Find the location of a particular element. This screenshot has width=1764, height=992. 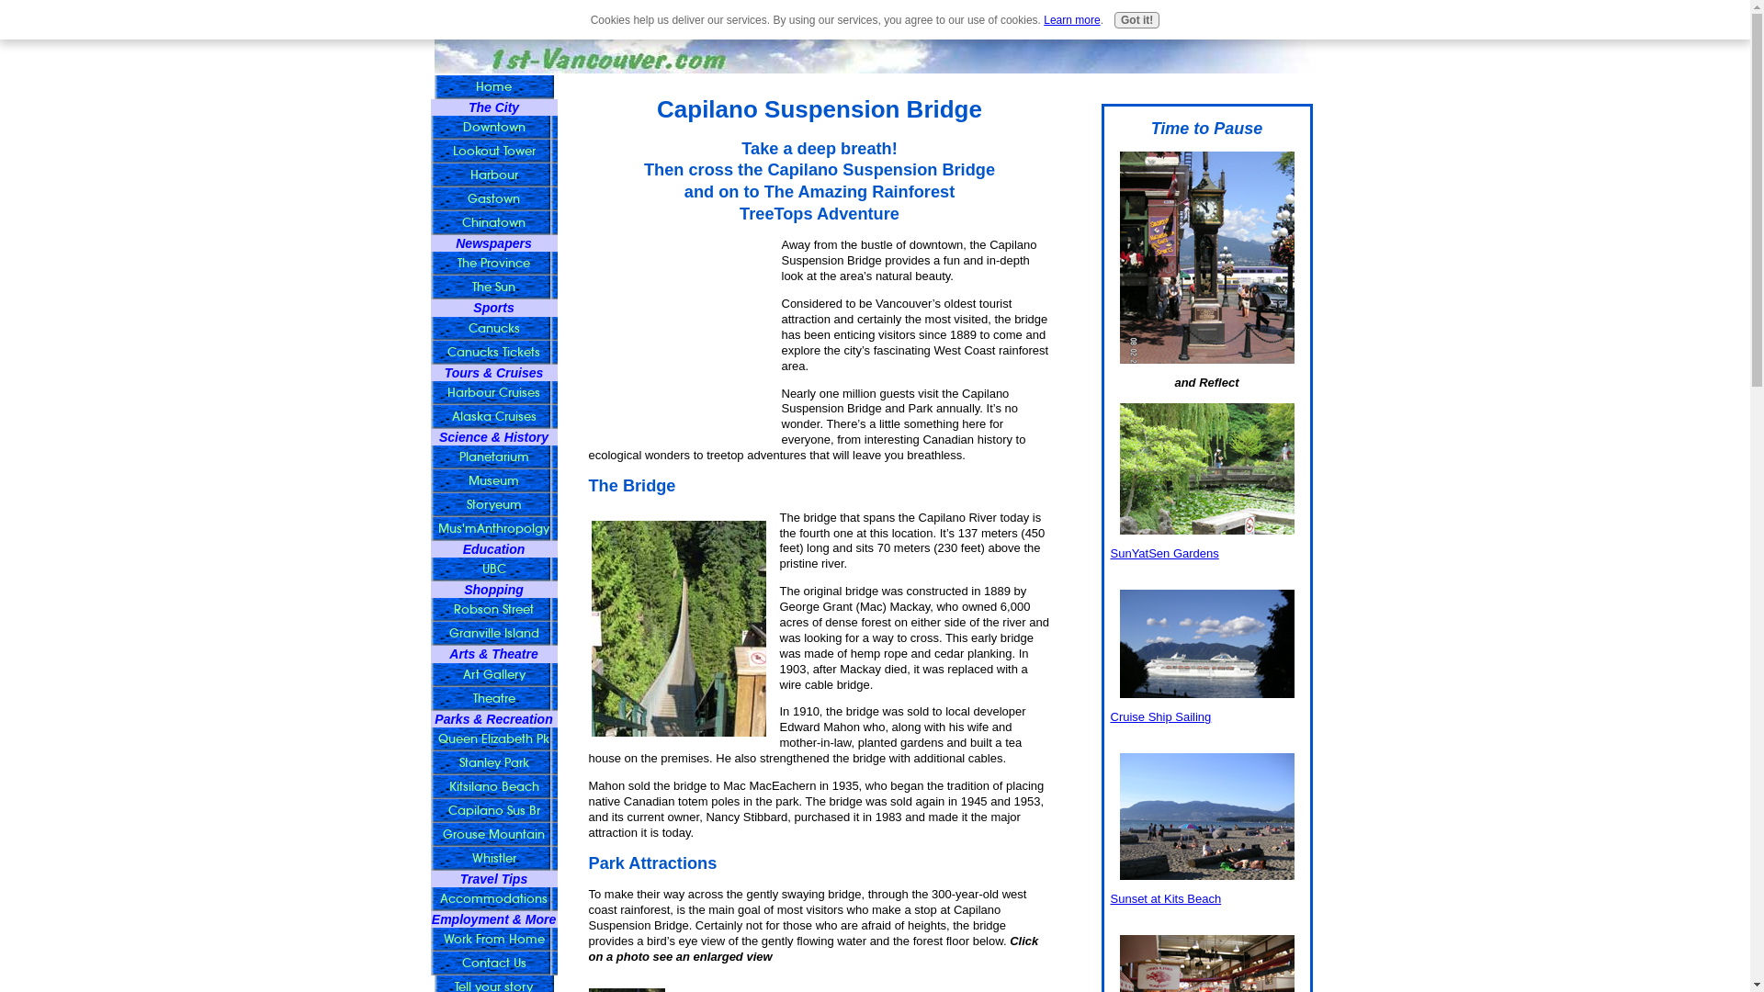

'The Sun' is located at coordinates (493, 287).